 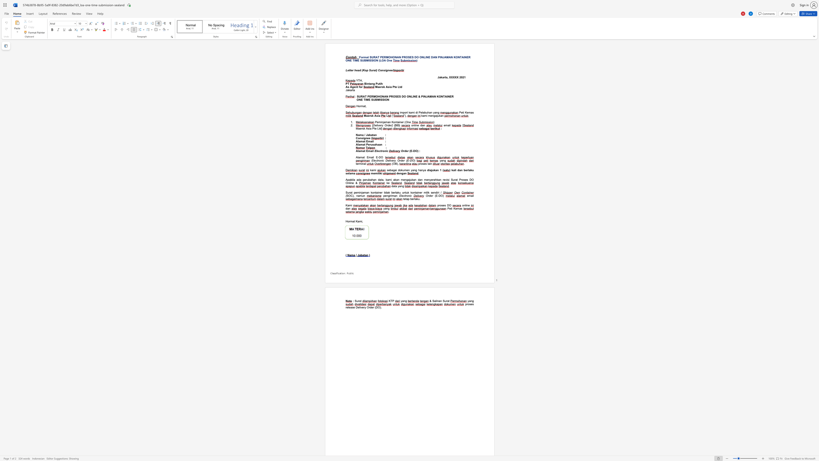 I want to click on the space between the continuous character "a" and "s" in the text, so click(x=460, y=208).